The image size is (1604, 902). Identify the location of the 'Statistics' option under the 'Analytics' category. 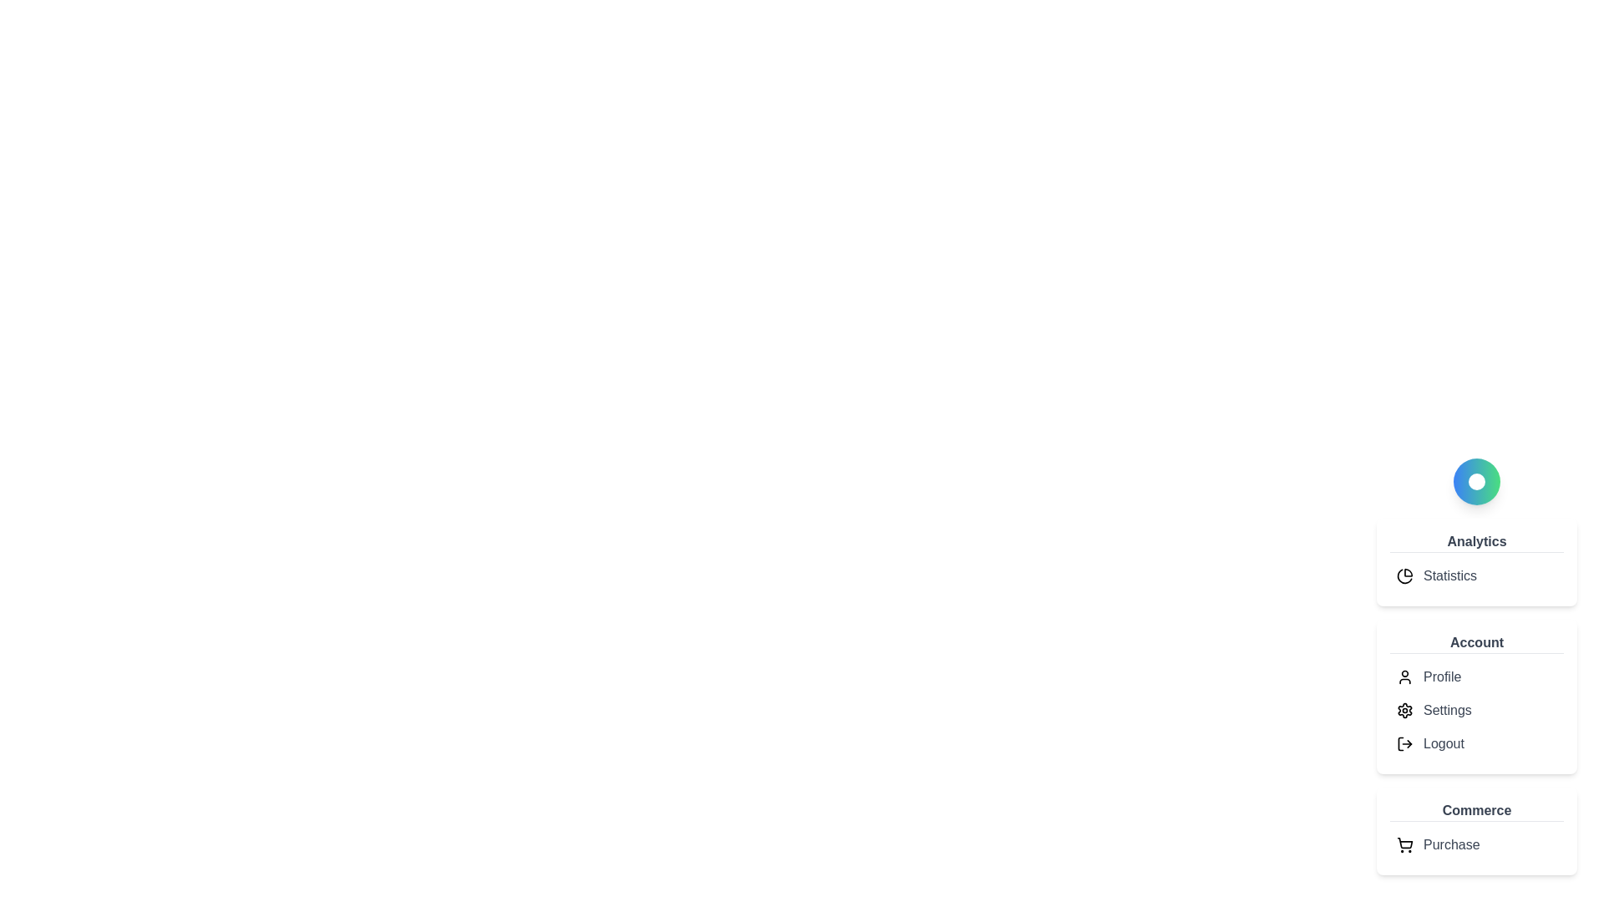
(1476, 575).